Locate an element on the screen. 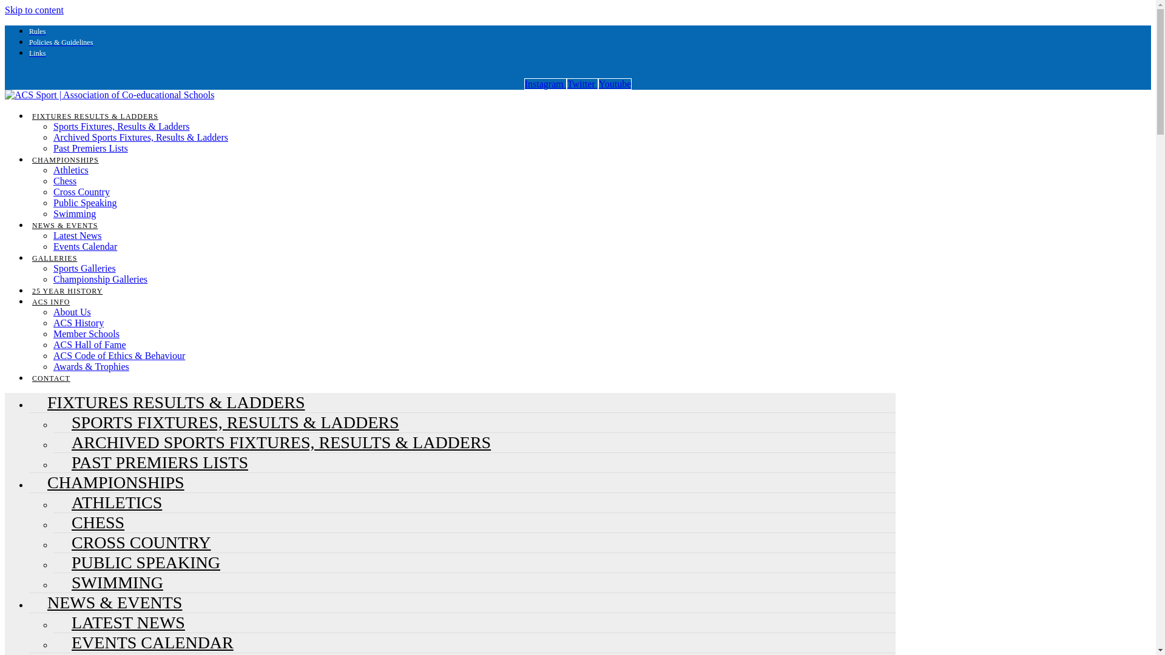 The height and width of the screenshot is (655, 1165). '25 YEAR HISTORY' is located at coordinates (66, 291).